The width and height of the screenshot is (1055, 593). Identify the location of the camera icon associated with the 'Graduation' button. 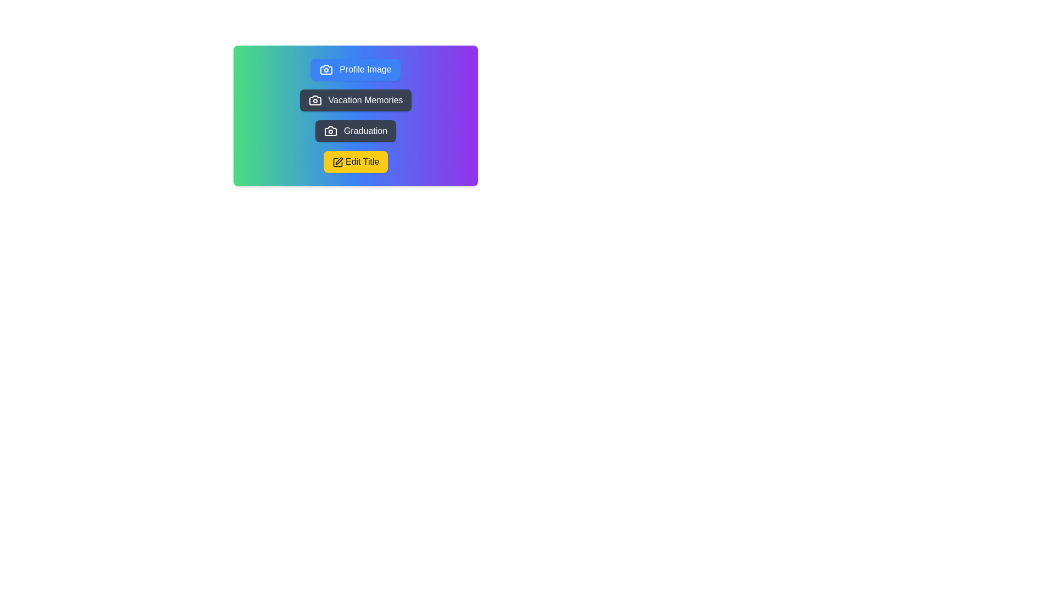
(330, 131).